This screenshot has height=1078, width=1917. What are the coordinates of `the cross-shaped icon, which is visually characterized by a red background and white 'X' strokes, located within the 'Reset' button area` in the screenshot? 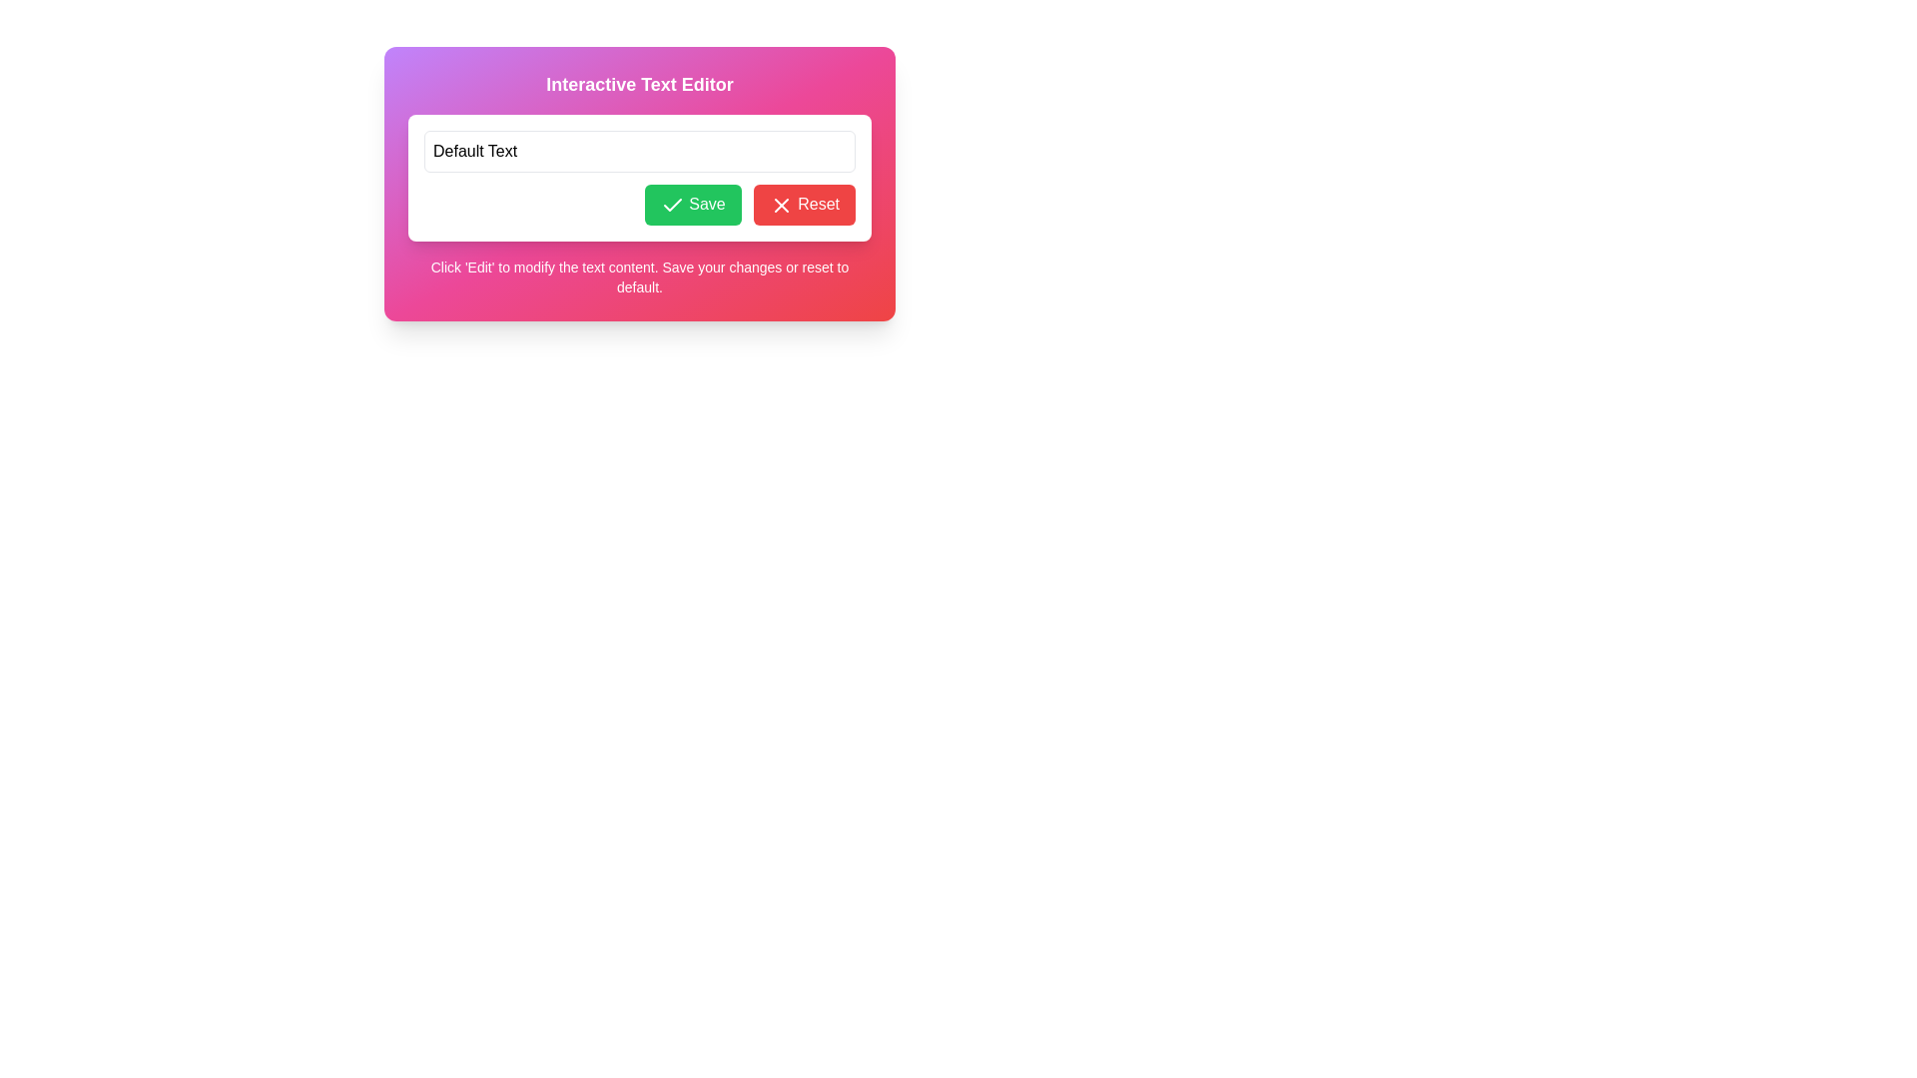 It's located at (780, 205).